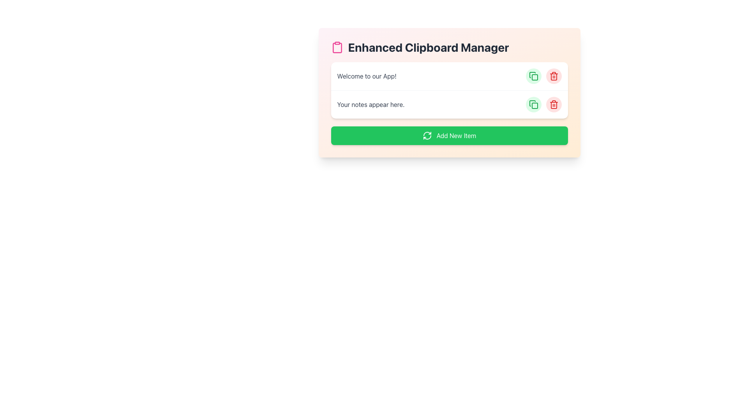  Describe the element at coordinates (553, 104) in the screenshot. I see `the red trash can icon button` at that location.